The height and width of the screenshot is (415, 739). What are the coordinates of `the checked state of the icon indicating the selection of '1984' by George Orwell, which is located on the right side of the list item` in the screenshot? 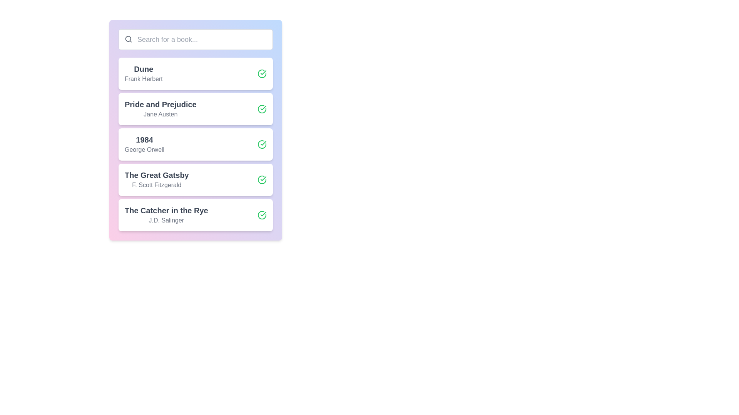 It's located at (262, 144).